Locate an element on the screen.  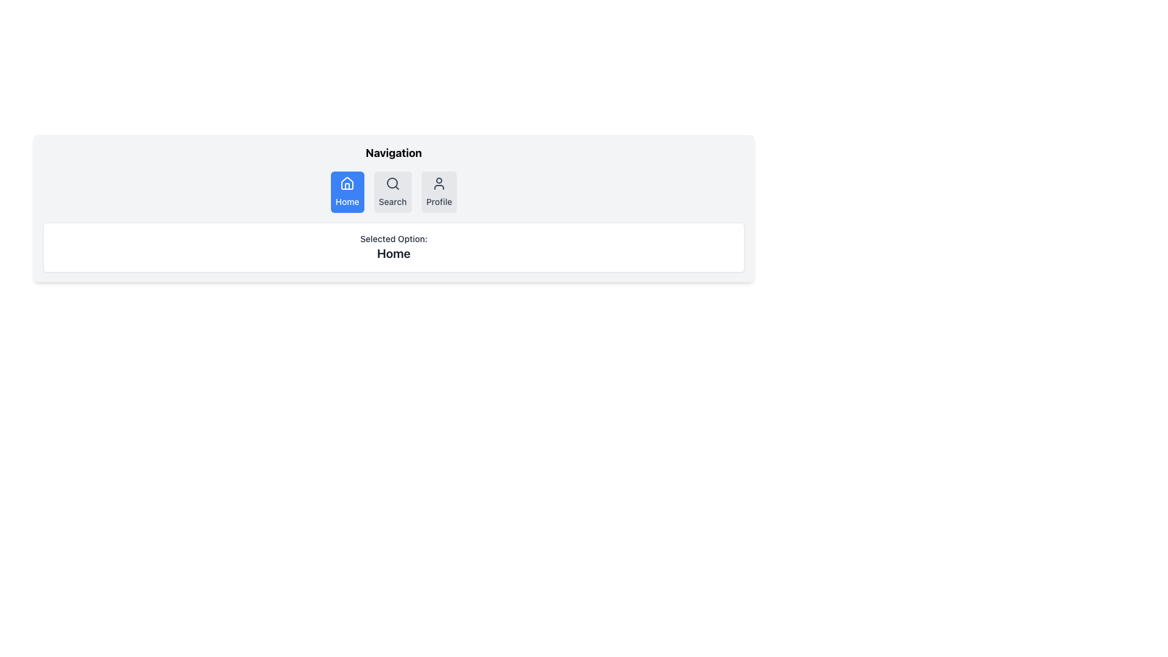
the label that indicates the function of the third button related to user profile or account settings, which is located in a horizontal navigation list below a user icon is located at coordinates (439, 201).